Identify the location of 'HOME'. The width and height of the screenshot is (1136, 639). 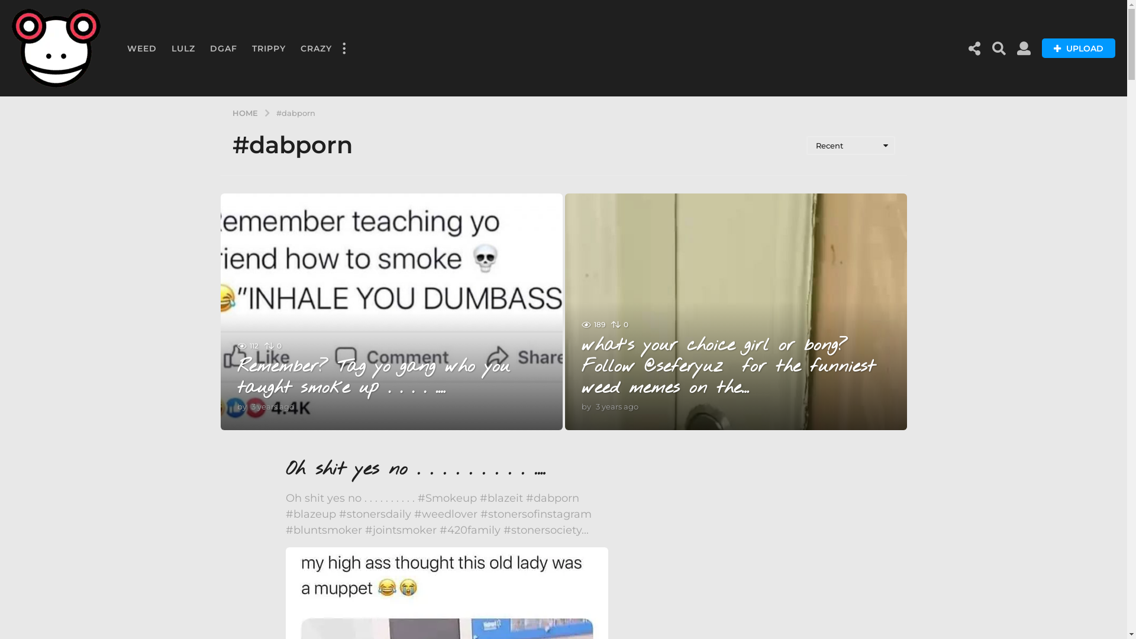
(245, 112).